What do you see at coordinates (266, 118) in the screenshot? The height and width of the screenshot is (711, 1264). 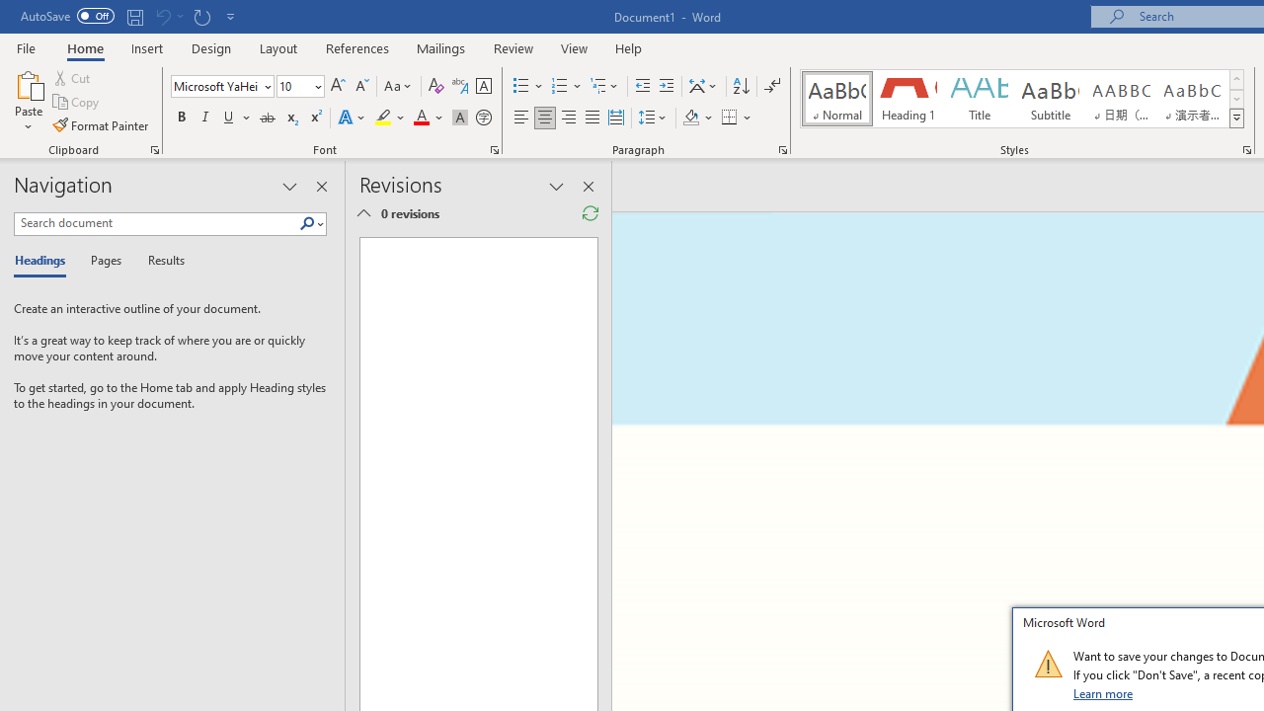 I see `'Strikethrough'` at bounding box center [266, 118].